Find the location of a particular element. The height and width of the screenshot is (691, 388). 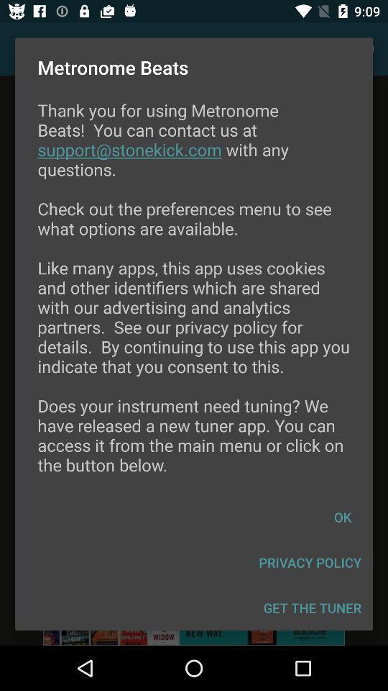

thank you for icon is located at coordinates (194, 296).